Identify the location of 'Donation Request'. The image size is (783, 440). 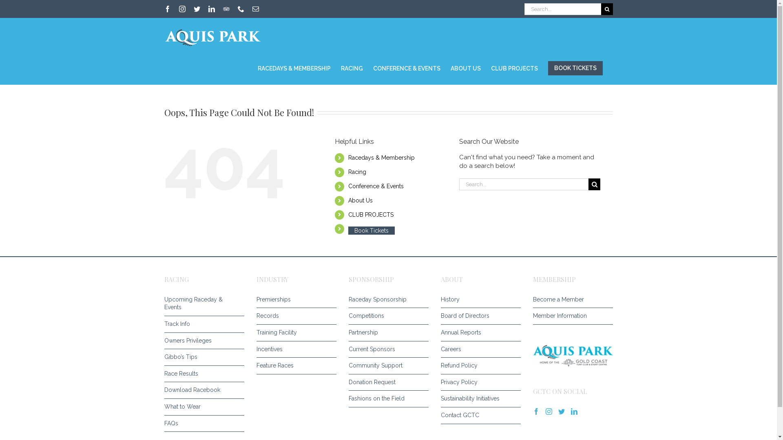
(385, 382).